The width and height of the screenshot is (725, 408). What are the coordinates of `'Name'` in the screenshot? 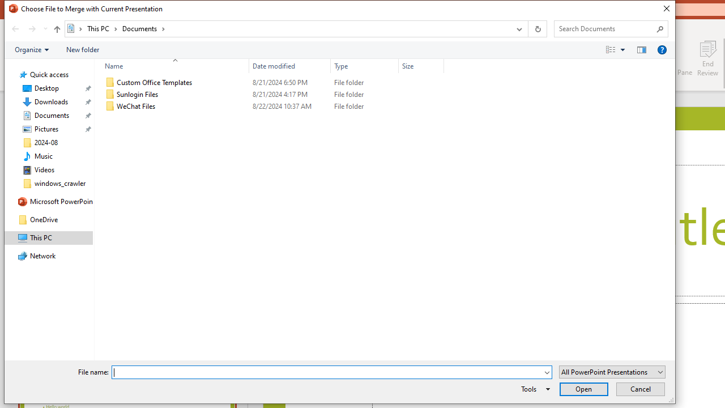 It's located at (172, 66).